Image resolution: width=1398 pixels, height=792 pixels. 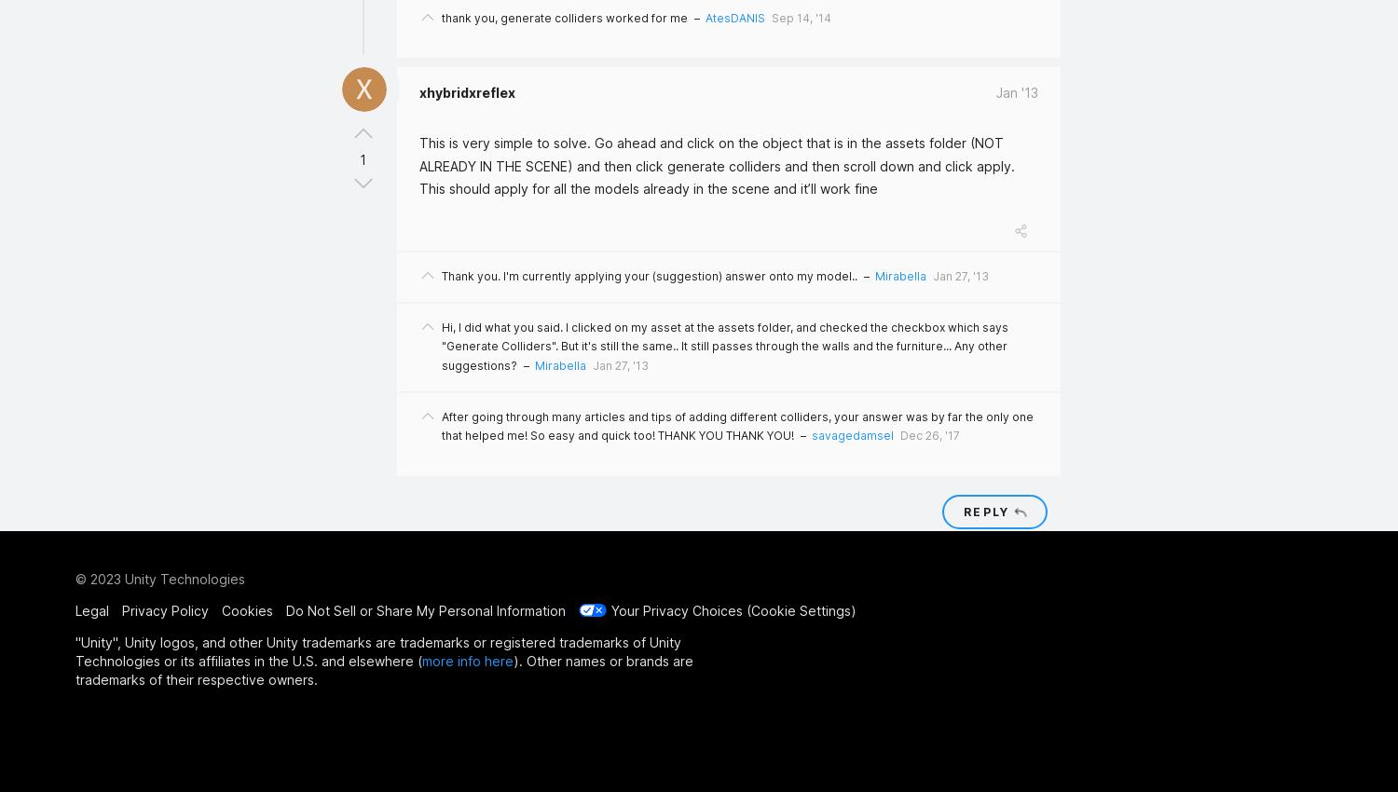 What do you see at coordinates (468, 659) in the screenshot?
I see `'more info here'` at bounding box center [468, 659].